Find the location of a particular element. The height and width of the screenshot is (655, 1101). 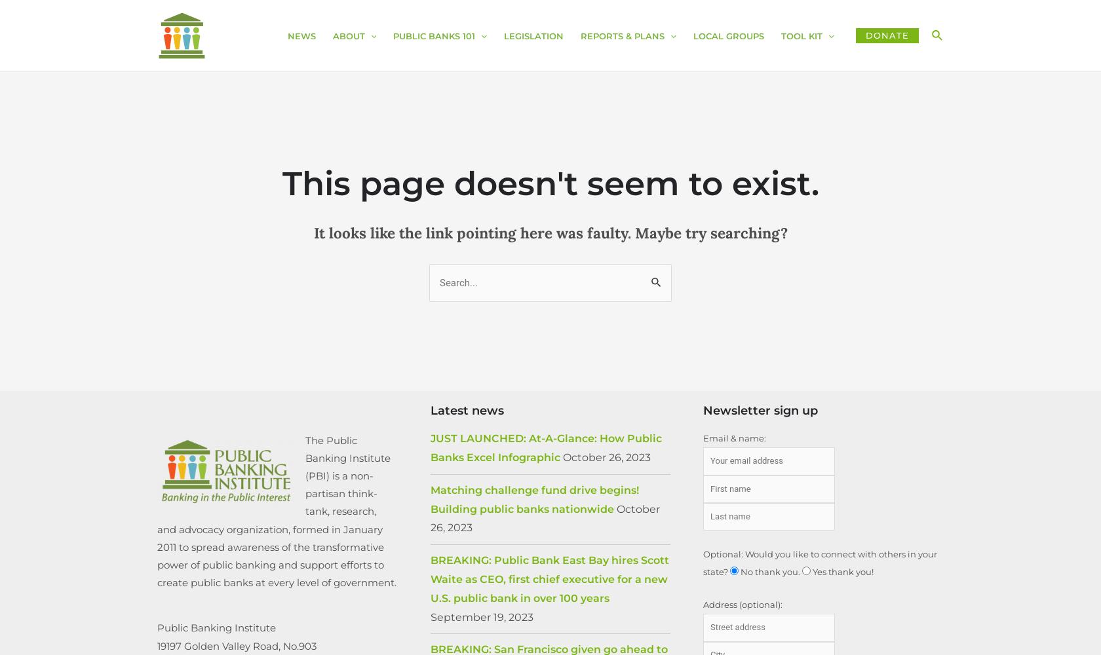

'Address (optional):' is located at coordinates (703, 605).